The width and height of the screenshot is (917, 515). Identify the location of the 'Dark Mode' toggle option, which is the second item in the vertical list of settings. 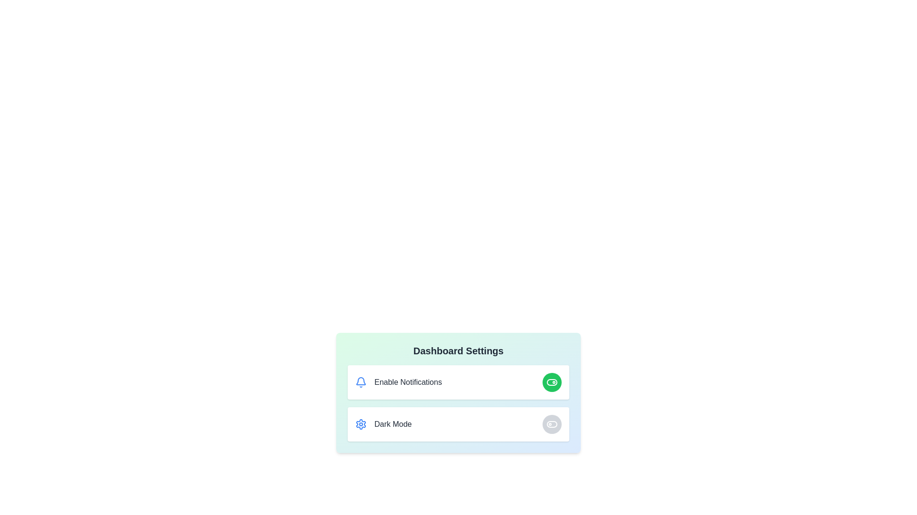
(458, 424).